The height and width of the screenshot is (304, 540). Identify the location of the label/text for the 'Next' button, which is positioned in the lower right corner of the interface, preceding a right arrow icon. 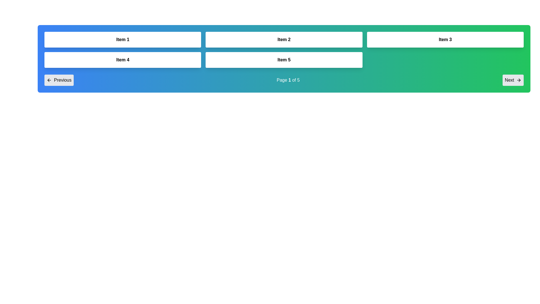
(509, 80).